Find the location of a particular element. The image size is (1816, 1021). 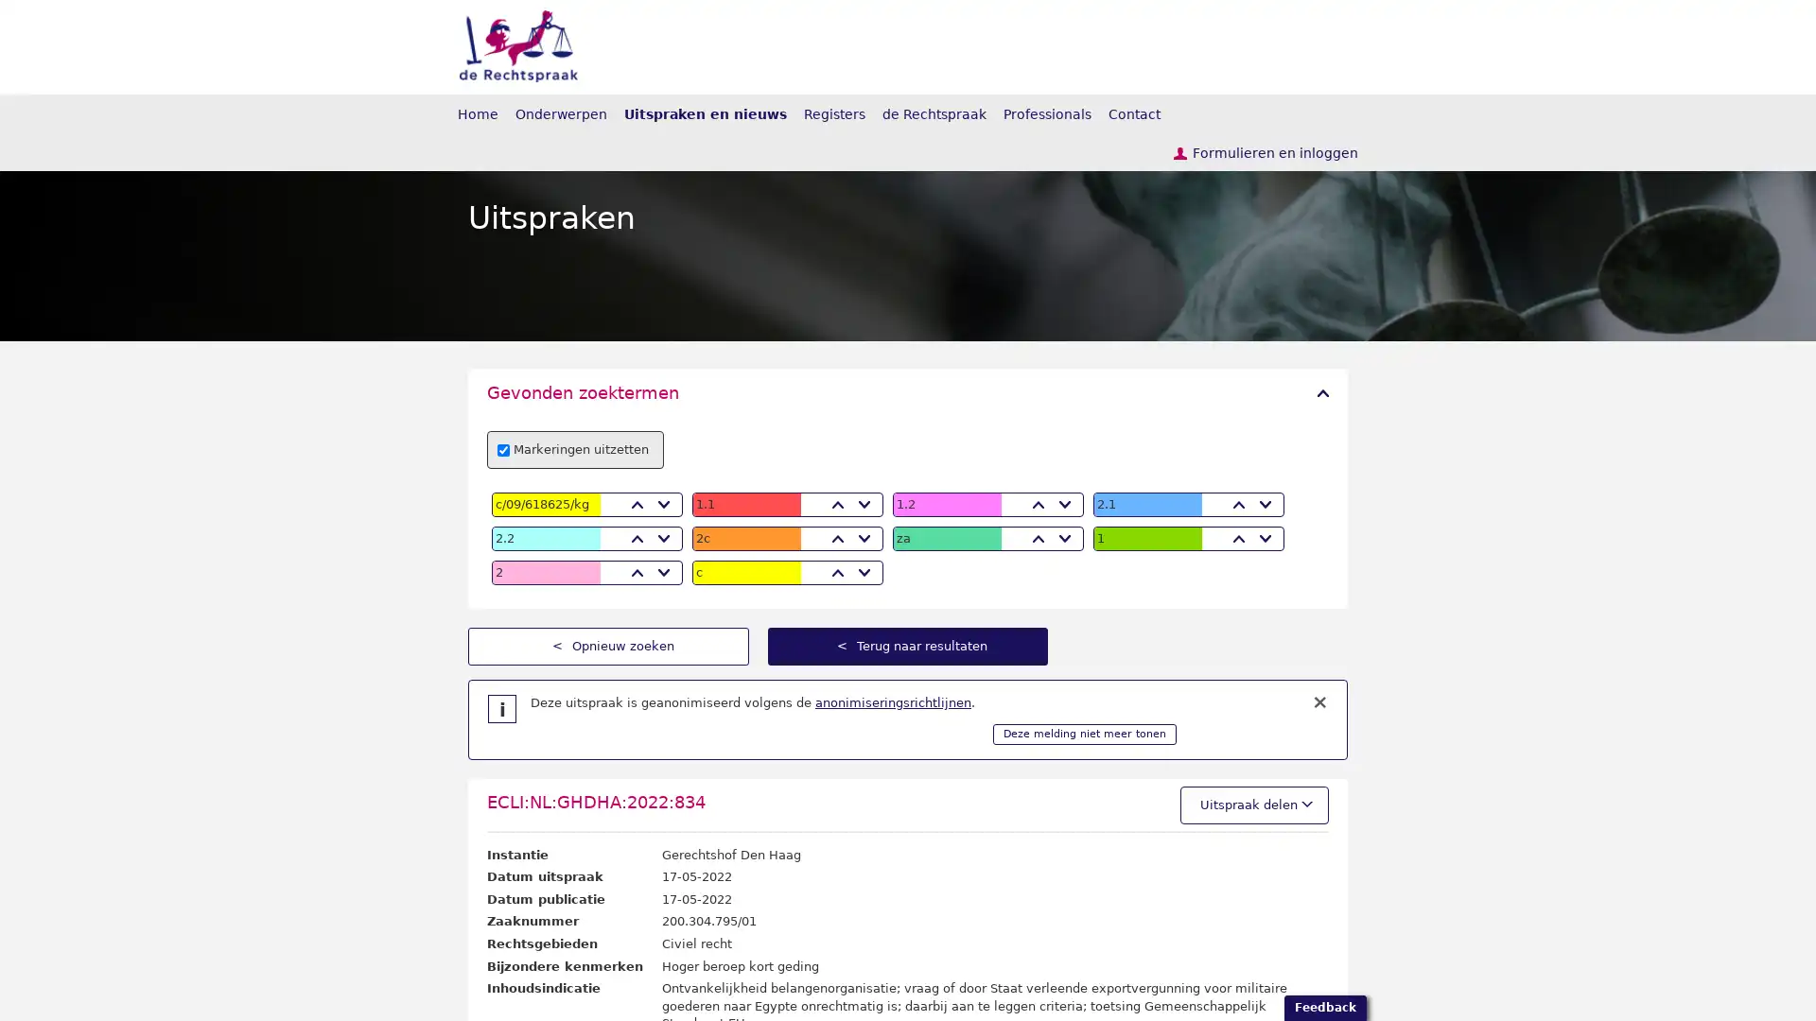

Vorige zoek term is located at coordinates (637, 502).